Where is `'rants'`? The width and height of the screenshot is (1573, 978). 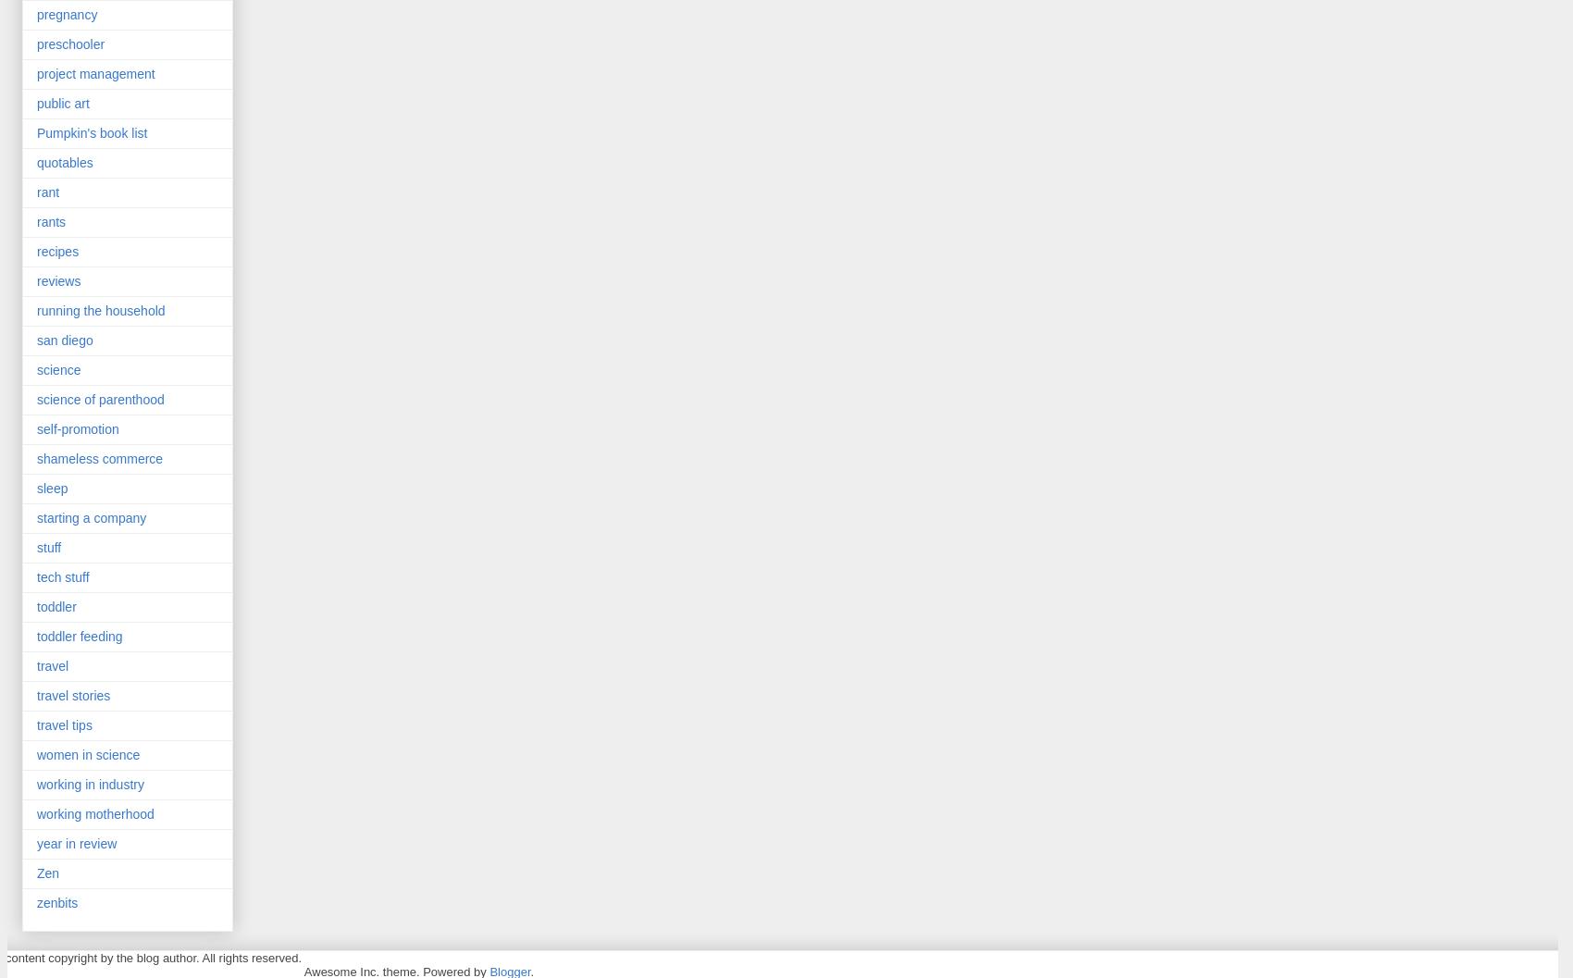
'rants' is located at coordinates (51, 221).